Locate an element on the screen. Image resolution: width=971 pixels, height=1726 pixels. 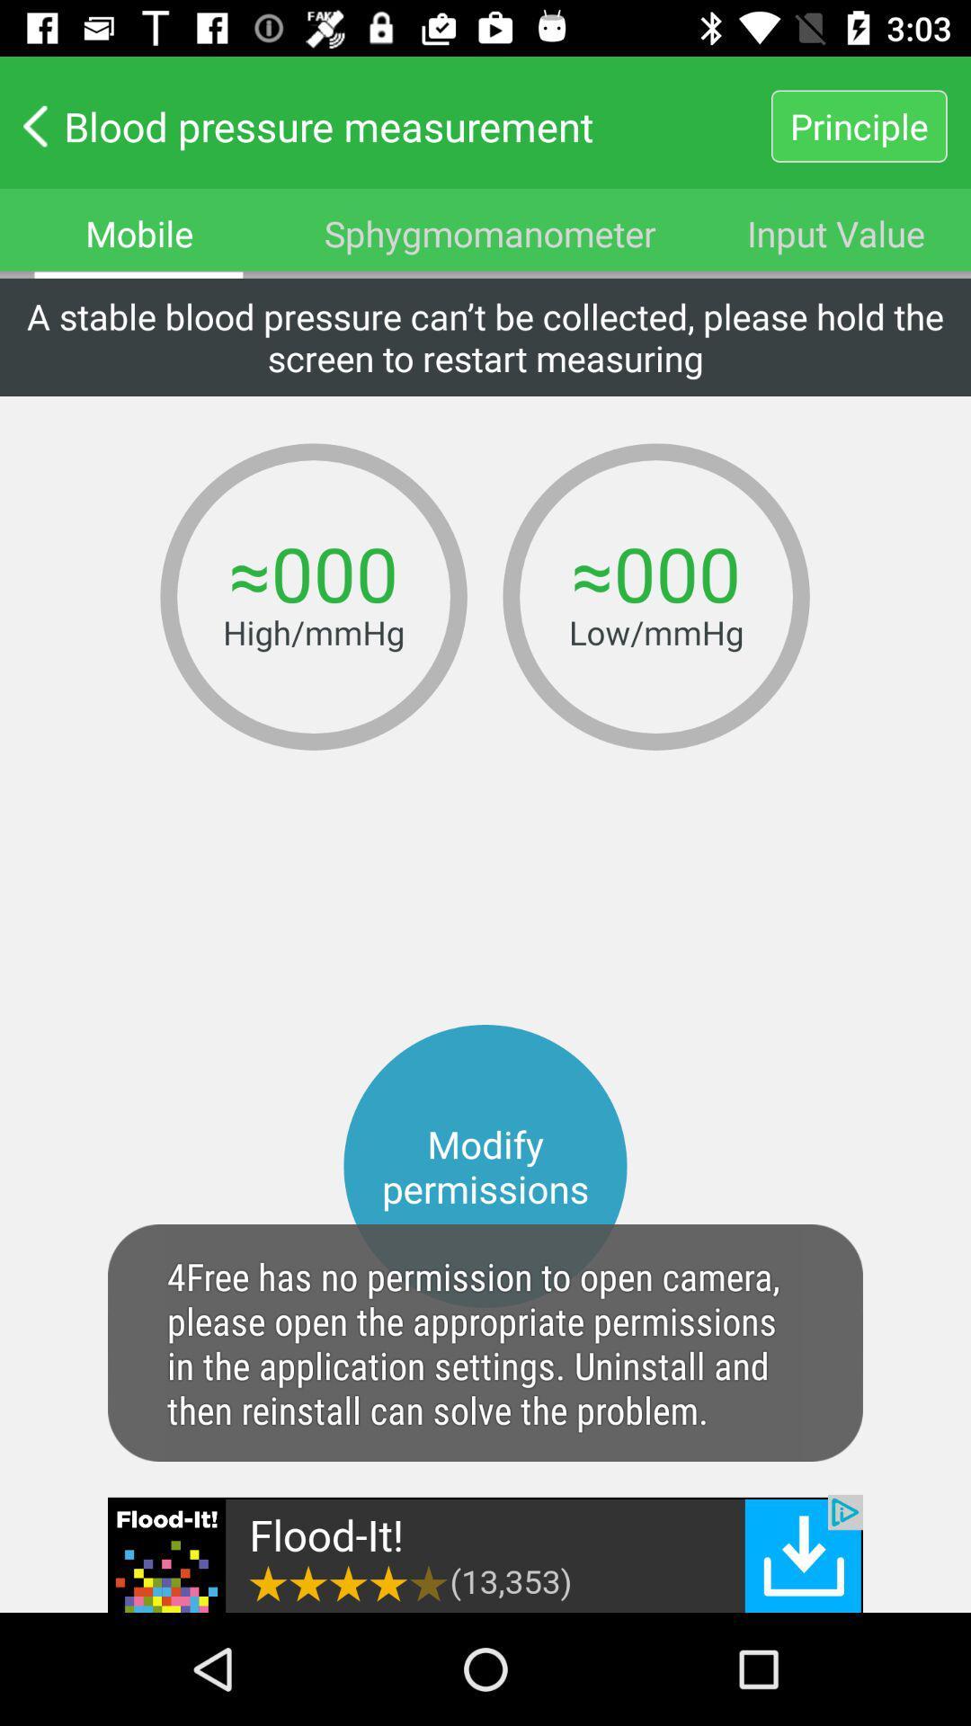
find out about the advertisement is located at coordinates (485, 1553).